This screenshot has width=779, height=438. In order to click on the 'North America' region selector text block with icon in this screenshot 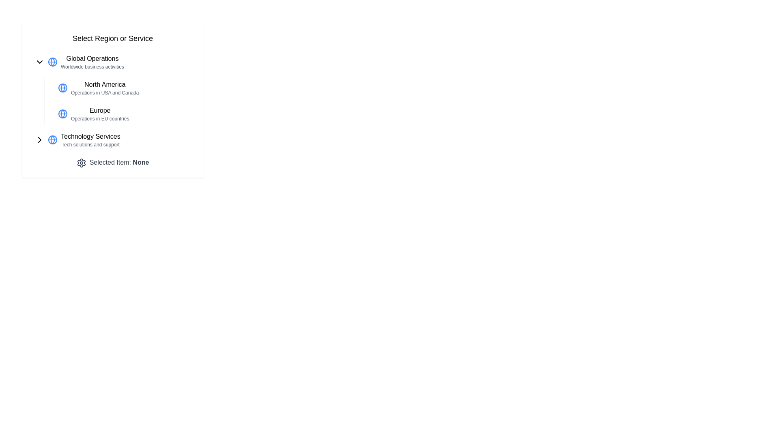, I will do `click(112, 88)`.